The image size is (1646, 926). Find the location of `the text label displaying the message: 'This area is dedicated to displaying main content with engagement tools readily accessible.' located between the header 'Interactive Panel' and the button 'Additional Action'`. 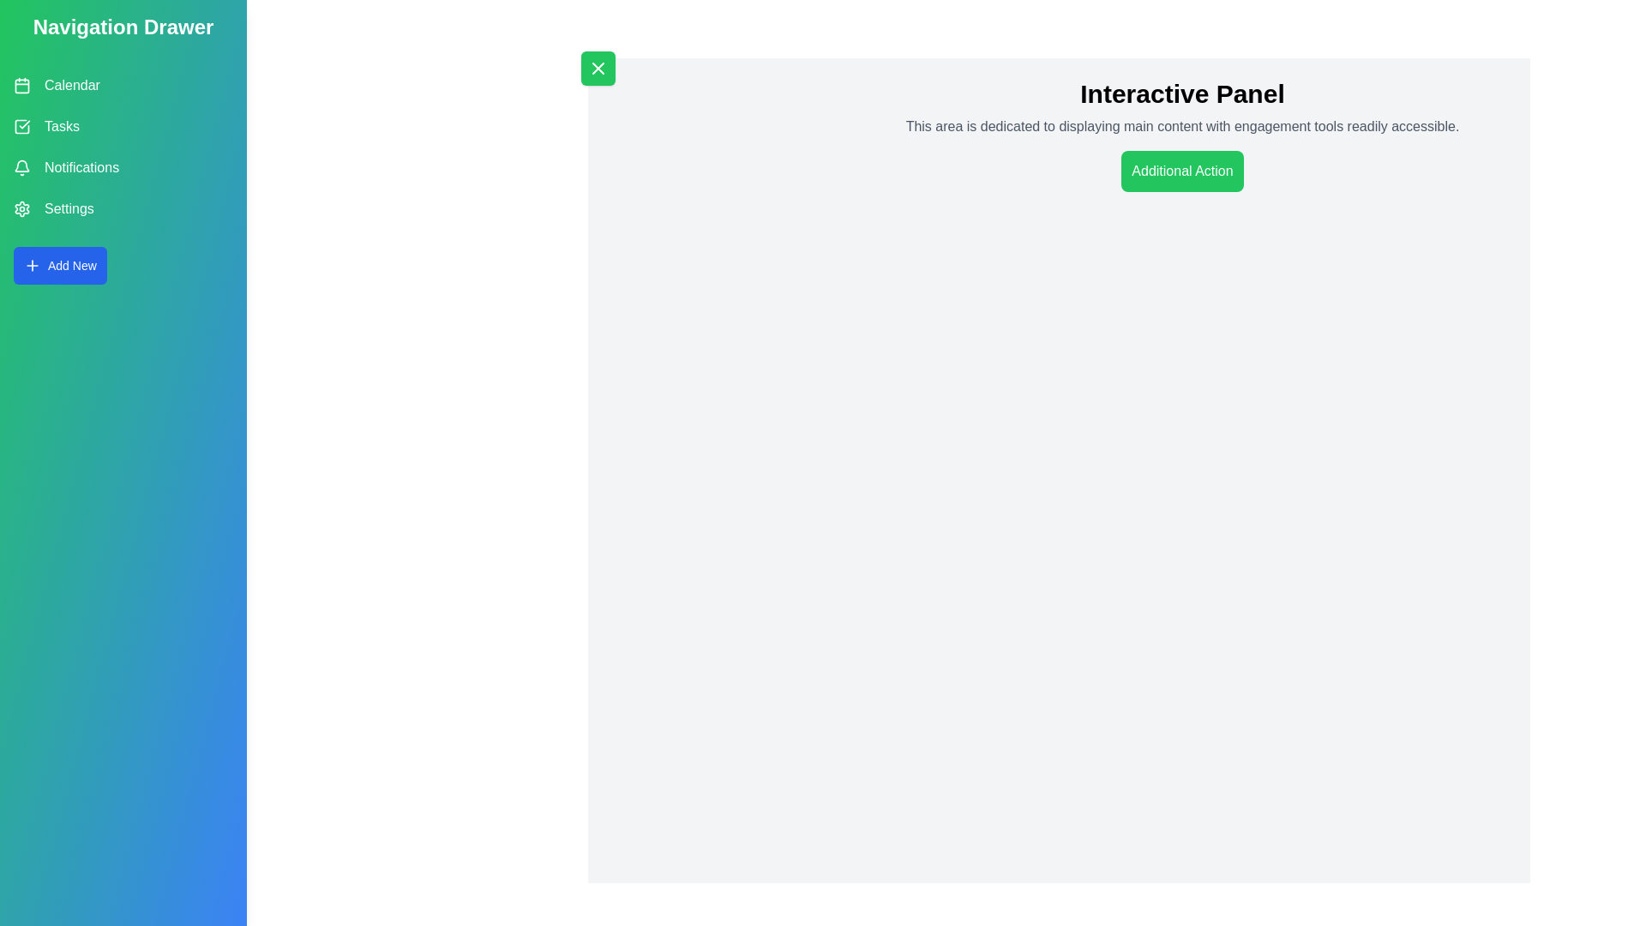

the text label displaying the message: 'This area is dedicated to displaying main content with engagement tools readily accessible.' located between the header 'Interactive Panel' and the button 'Additional Action' is located at coordinates (1181, 125).